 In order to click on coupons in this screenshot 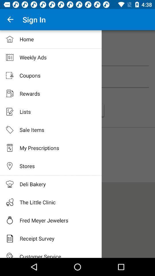, I will do `click(77, 82)`.